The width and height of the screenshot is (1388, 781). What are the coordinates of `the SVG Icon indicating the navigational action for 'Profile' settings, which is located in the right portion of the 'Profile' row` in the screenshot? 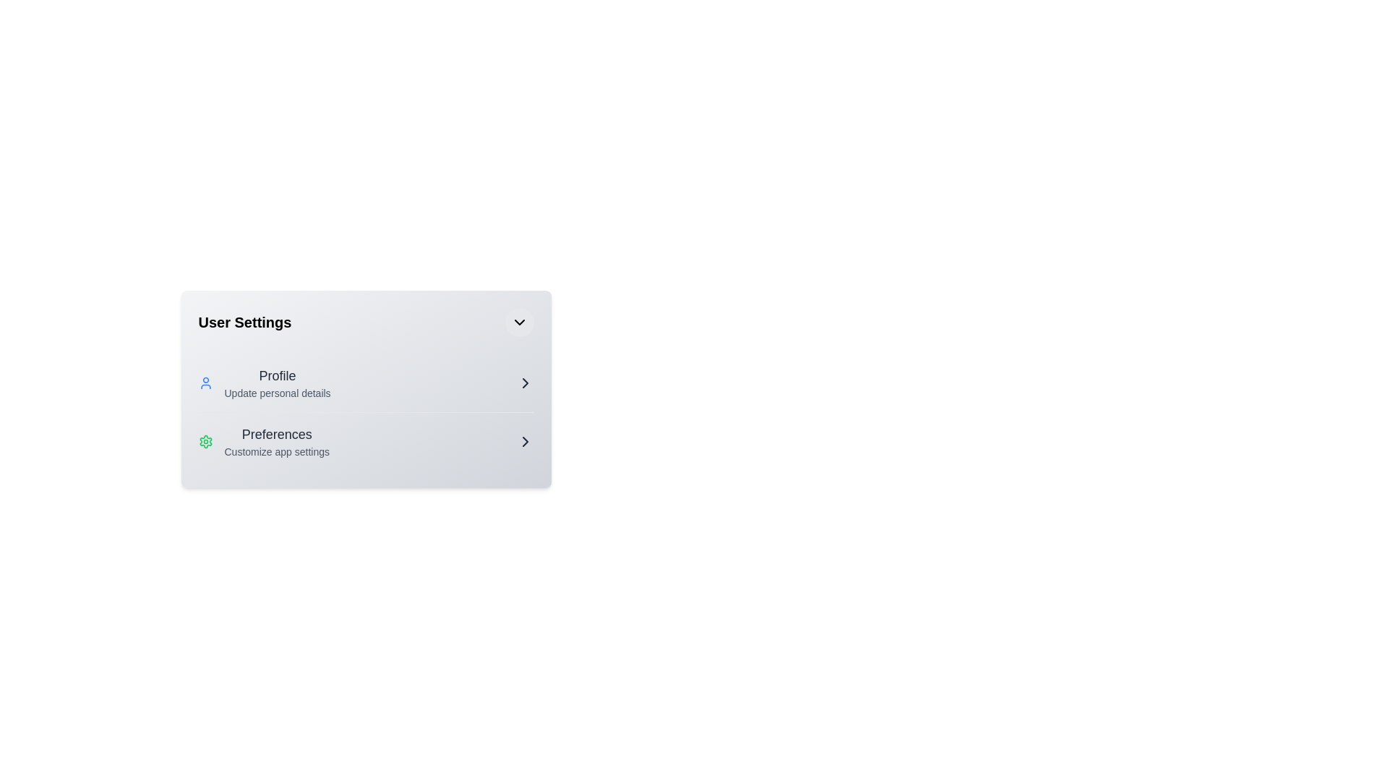 It's located at (524, 382).